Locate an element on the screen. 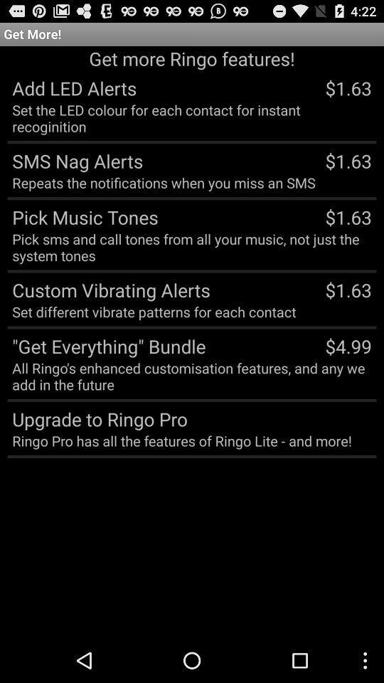 This screenshot has height=683, width=384. app below pick music tones is located at coordinates (192, 247).